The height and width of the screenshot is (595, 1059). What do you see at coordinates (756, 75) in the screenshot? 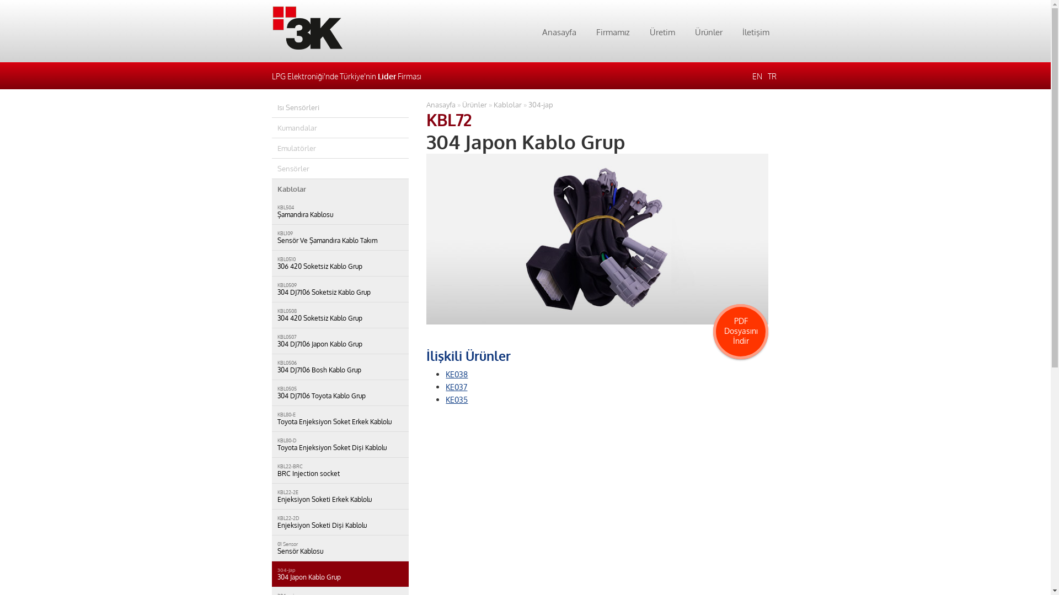
I see `'EN'` at bounding box center [756, 75].